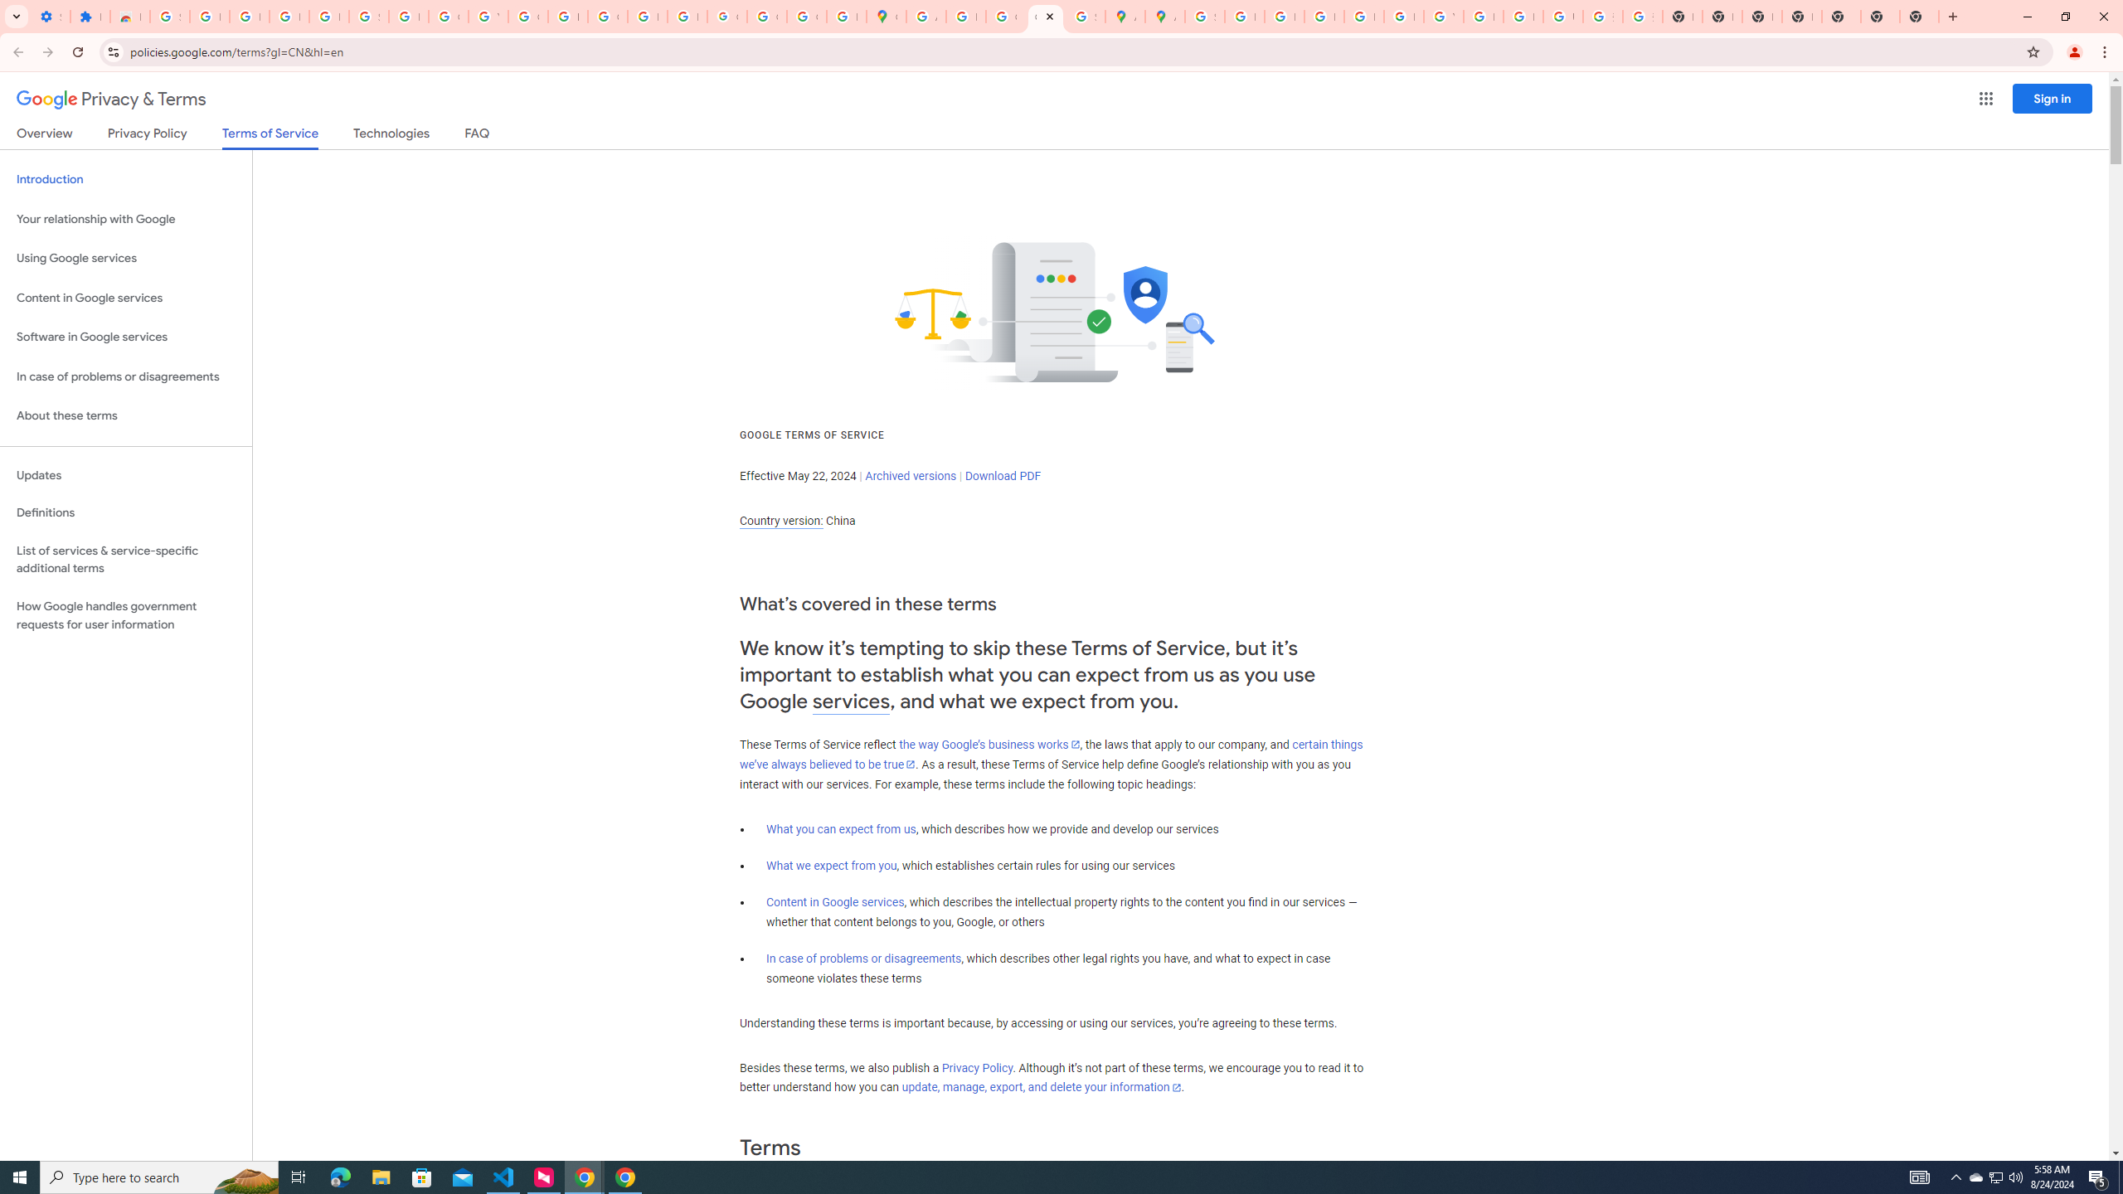 The width and height of the screenshot is (2123, 1194). Describe the element at coordinates (780, 521) in the screenshot. I see `'Country version:'` at that location.